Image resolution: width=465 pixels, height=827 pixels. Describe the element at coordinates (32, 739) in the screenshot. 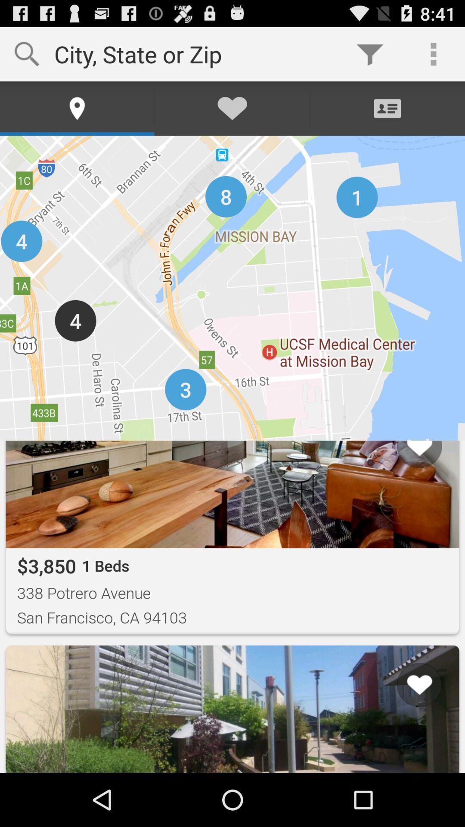

I see `the button next to list` at that location.